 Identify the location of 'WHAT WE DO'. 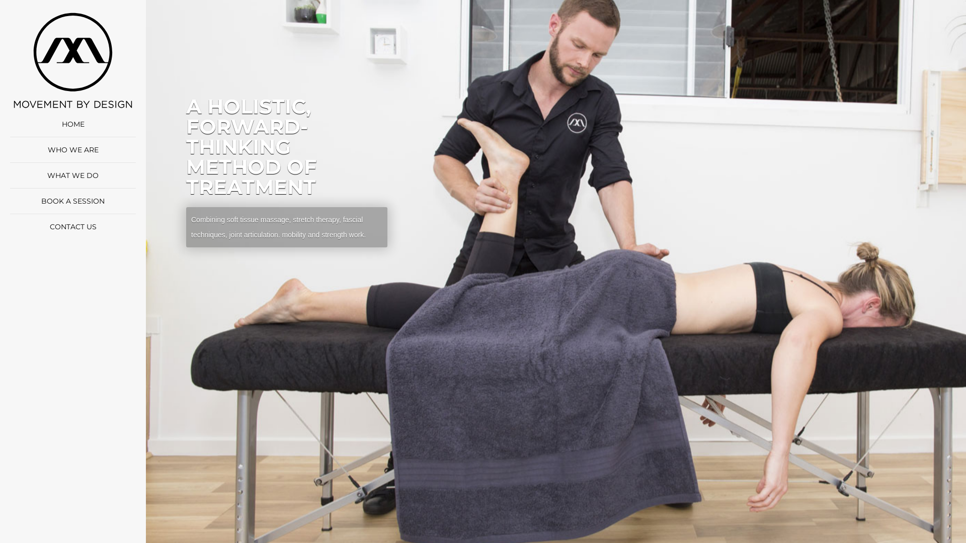
(72, 174).